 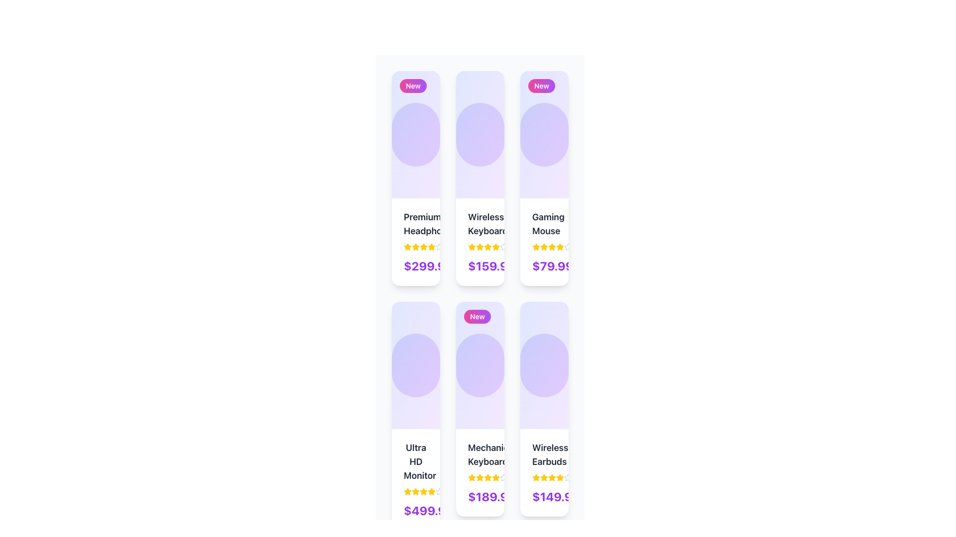 What do you see at coordinates (535, 247) in the screenshot?
I see `the first yellow star icon used for rating under the product item 'Gaming Mouse'` at bounding box center [535, 247].